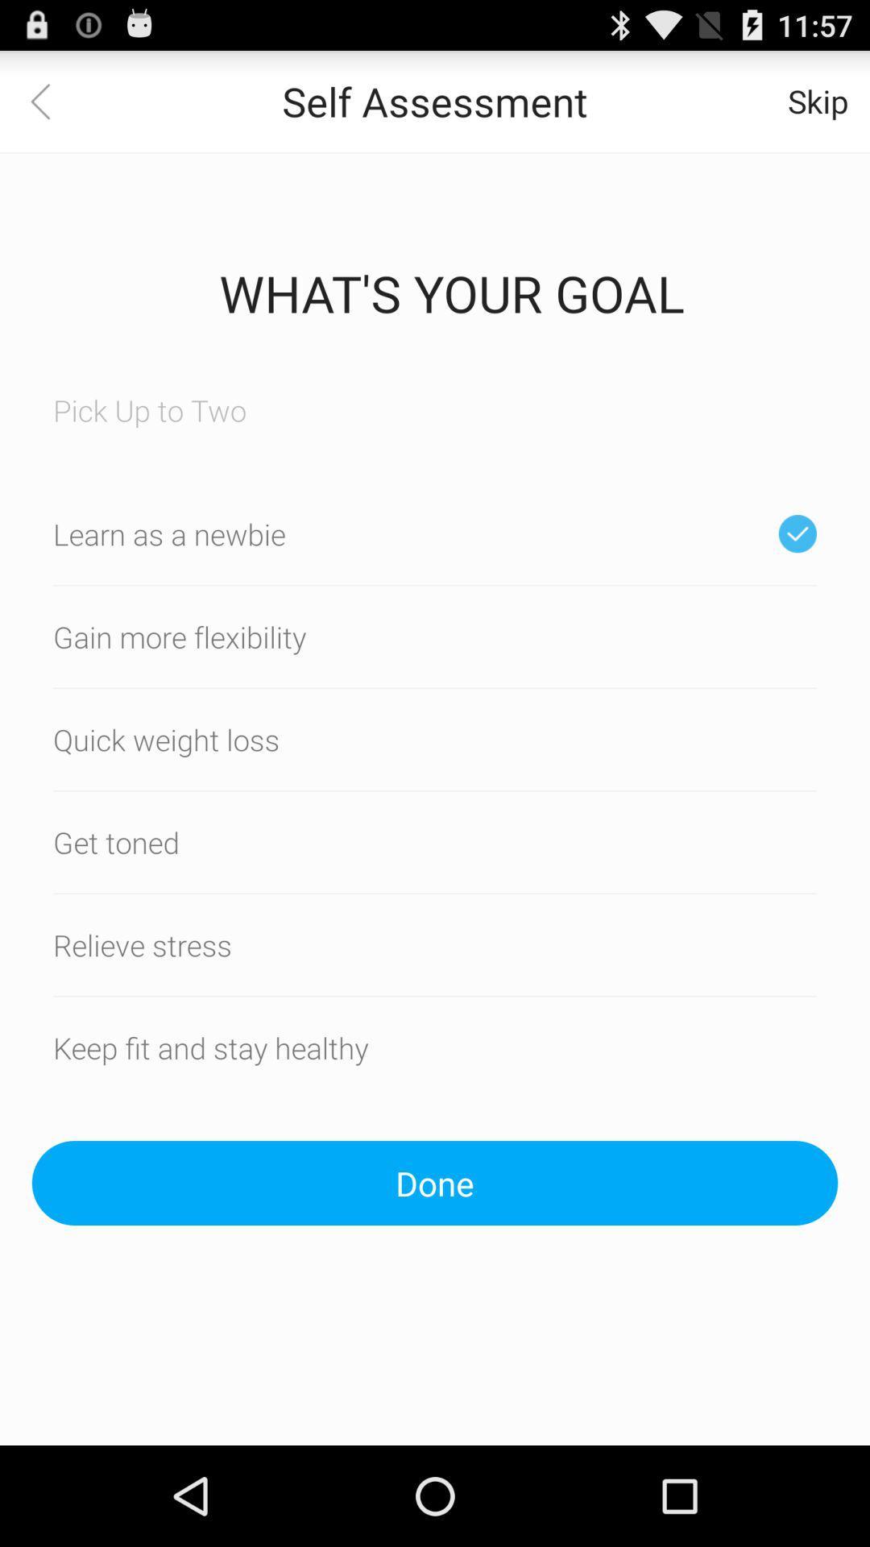 The width and height of the screenshot is (870, 1547). I want to click on the text which is above done, so click(435, 1047).